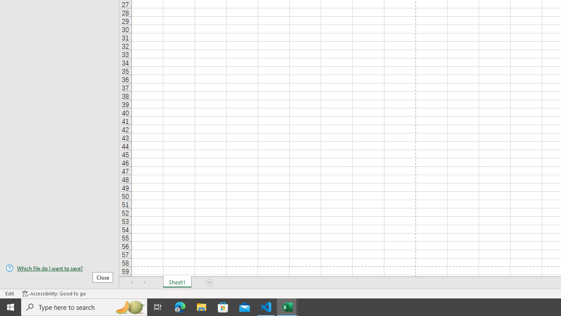  Describe the element at coordinates (59, 268) in the screenshot. I see `'Which file do I want to save?'` at that location.